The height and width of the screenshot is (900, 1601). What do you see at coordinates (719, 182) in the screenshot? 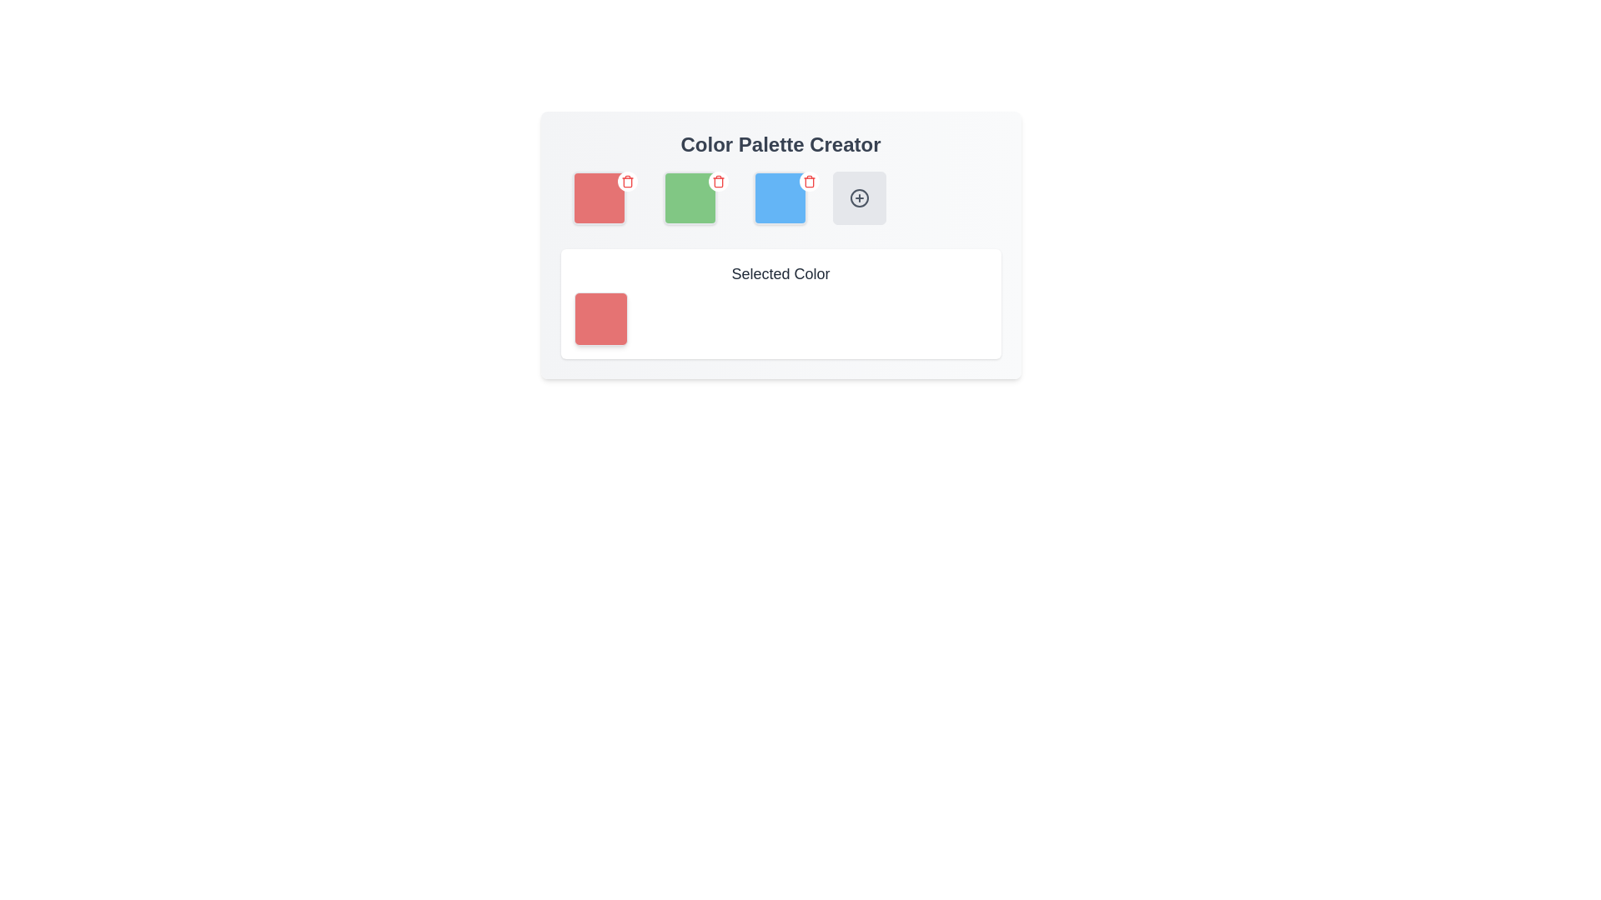
I see `the trash icon with a red border on the green color square` at bounding box center [719, 182].